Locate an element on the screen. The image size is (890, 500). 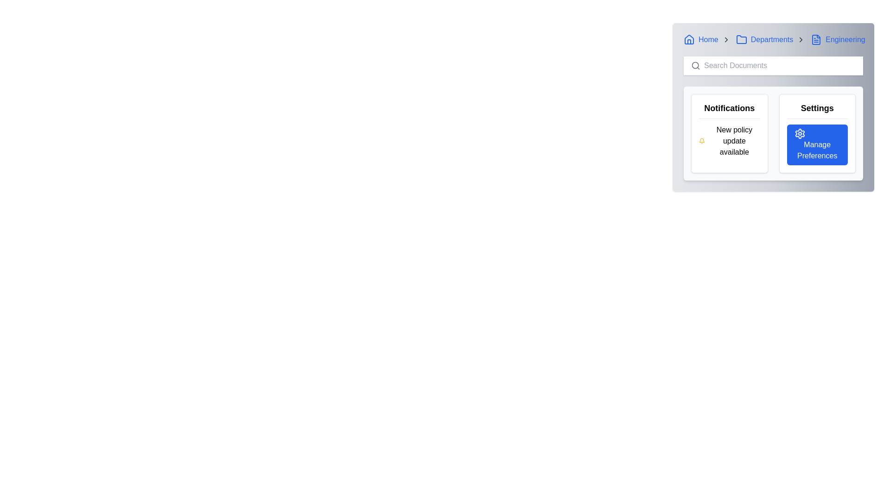
the 'Engineering' breadcrumb navigation link, which is the third and rightmost item in the breadcrumb navigation bar at the top of the page is located at coordinates (838, 39).